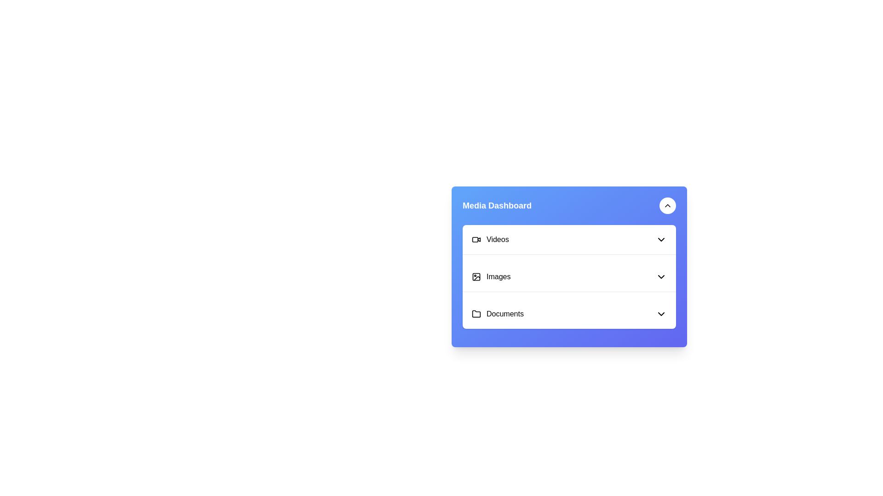 This screenshot has width=883, height=496. I want to click on keyboard navigation, so click(661, 276).